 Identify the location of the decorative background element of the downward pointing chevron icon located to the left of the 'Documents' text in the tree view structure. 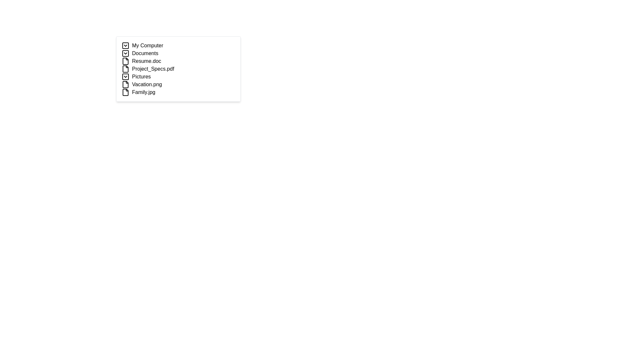
(126, 53).